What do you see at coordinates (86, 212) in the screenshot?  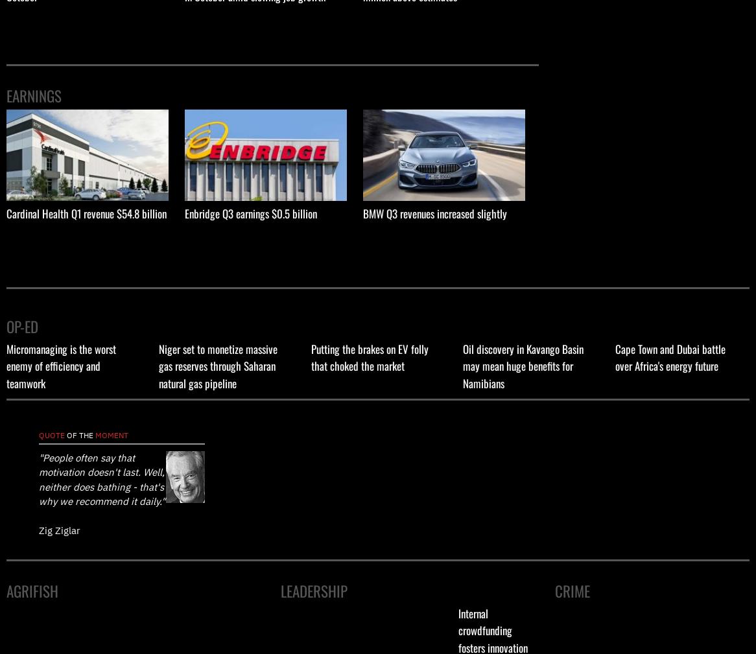 I see `'Cardinal Health Q1 revenue $54.8 billion'` at bounding box center [86, 212].